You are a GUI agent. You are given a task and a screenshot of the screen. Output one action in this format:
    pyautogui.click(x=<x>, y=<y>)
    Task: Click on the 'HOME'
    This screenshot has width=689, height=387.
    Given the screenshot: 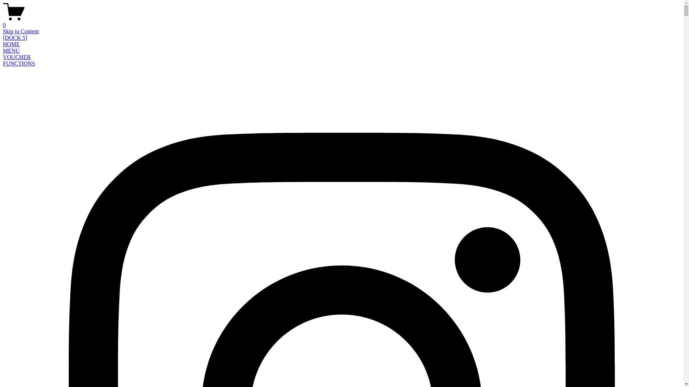 What is the action you would take?
    pyautogui.click(x=11, y=44)
    